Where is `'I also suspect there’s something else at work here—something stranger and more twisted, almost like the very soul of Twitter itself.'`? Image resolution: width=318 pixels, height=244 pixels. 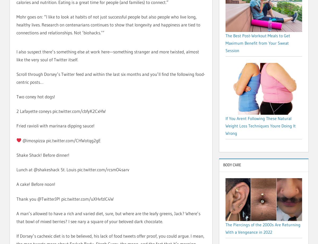 'I also suspect there’s something else at work here—something stranger and more twisted, almost like the very soul of Twitter itself.' is located at coordinates (108, 55).